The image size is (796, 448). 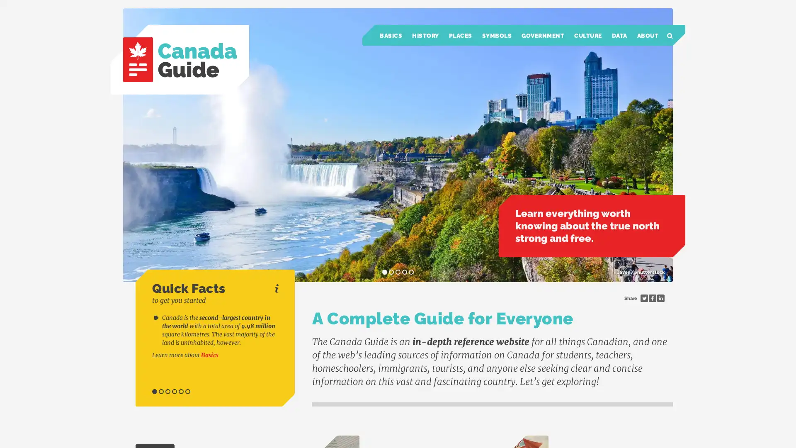 What do you see at coordinates (187, 392) in the screenshot?
I see `Go to slide 6` at bounding box center [187, 392].